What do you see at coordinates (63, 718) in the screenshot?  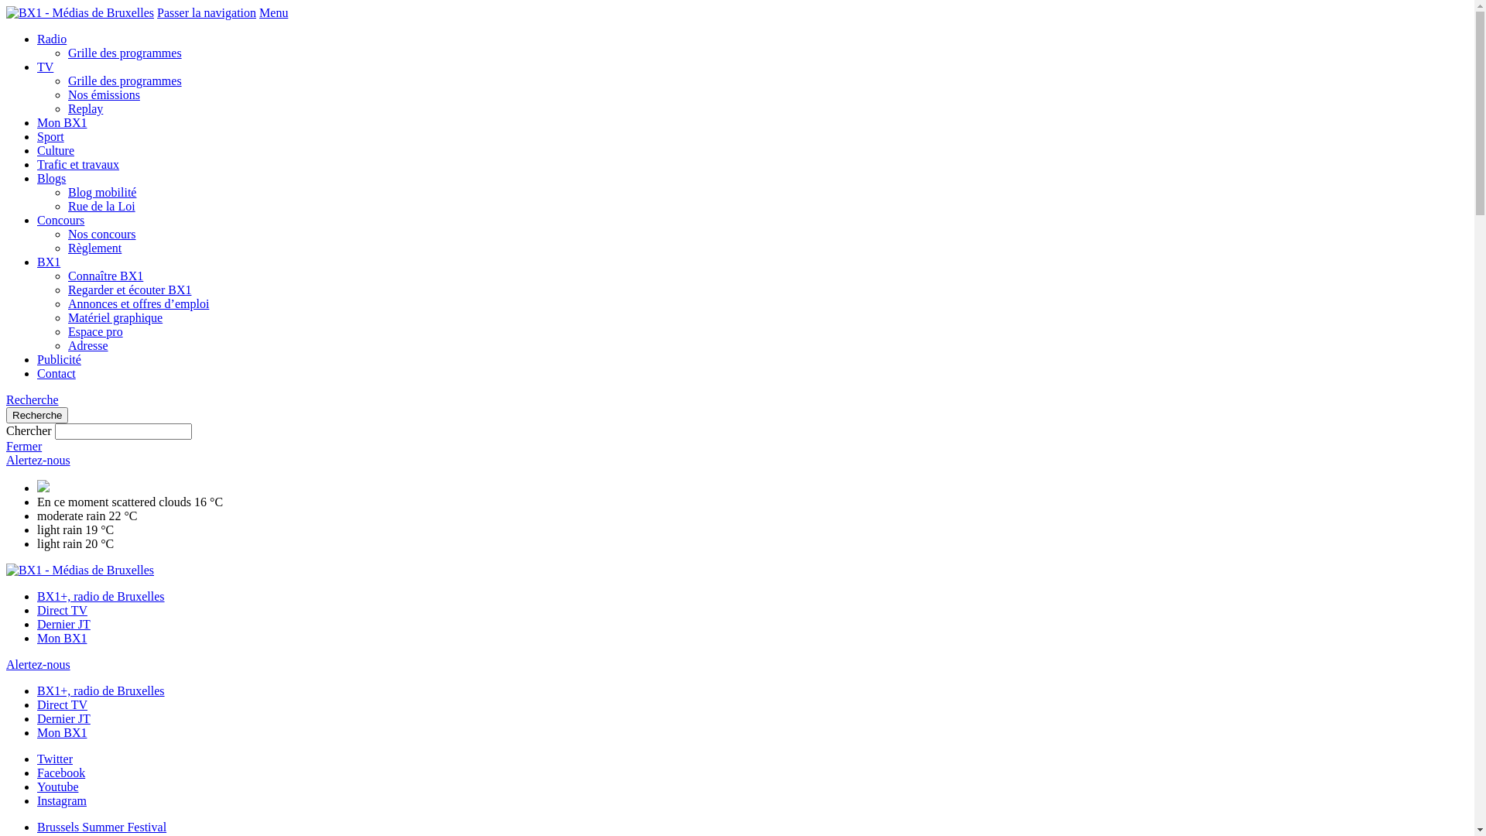 I see `'Dernier JT'` at bounding box center [63, 718].